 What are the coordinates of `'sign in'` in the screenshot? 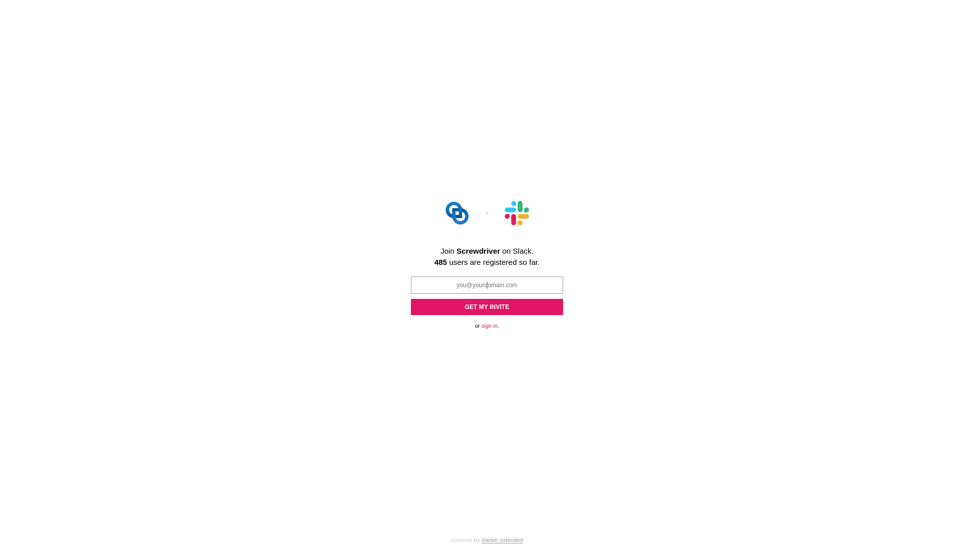 It's located at (489, 325).